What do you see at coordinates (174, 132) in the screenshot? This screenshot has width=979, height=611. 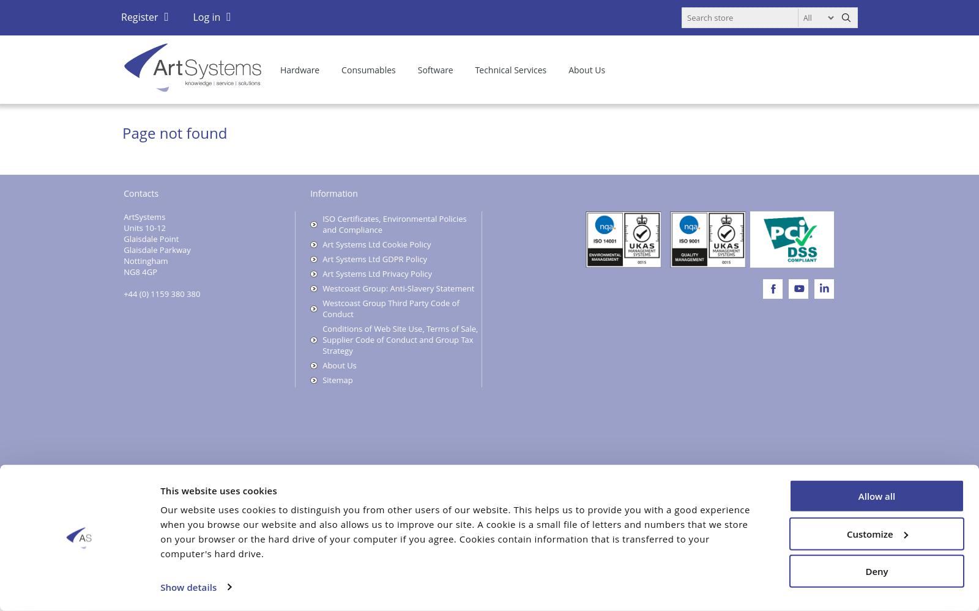 I see `'Page not found'` at bounding box center [174, 132].